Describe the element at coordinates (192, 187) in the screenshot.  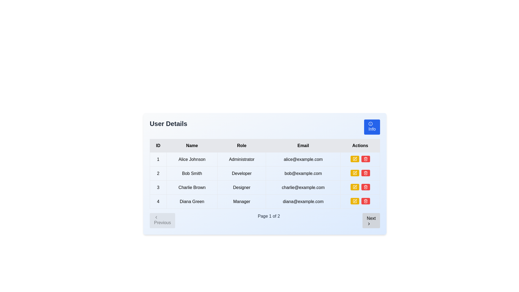
I see `the Text Label displaying the user's name located in the third row of the table, under the 'Name' column, adjacent to the 'ID' column containing '3' and the 'Role' column containing 'Designer'` at that location.